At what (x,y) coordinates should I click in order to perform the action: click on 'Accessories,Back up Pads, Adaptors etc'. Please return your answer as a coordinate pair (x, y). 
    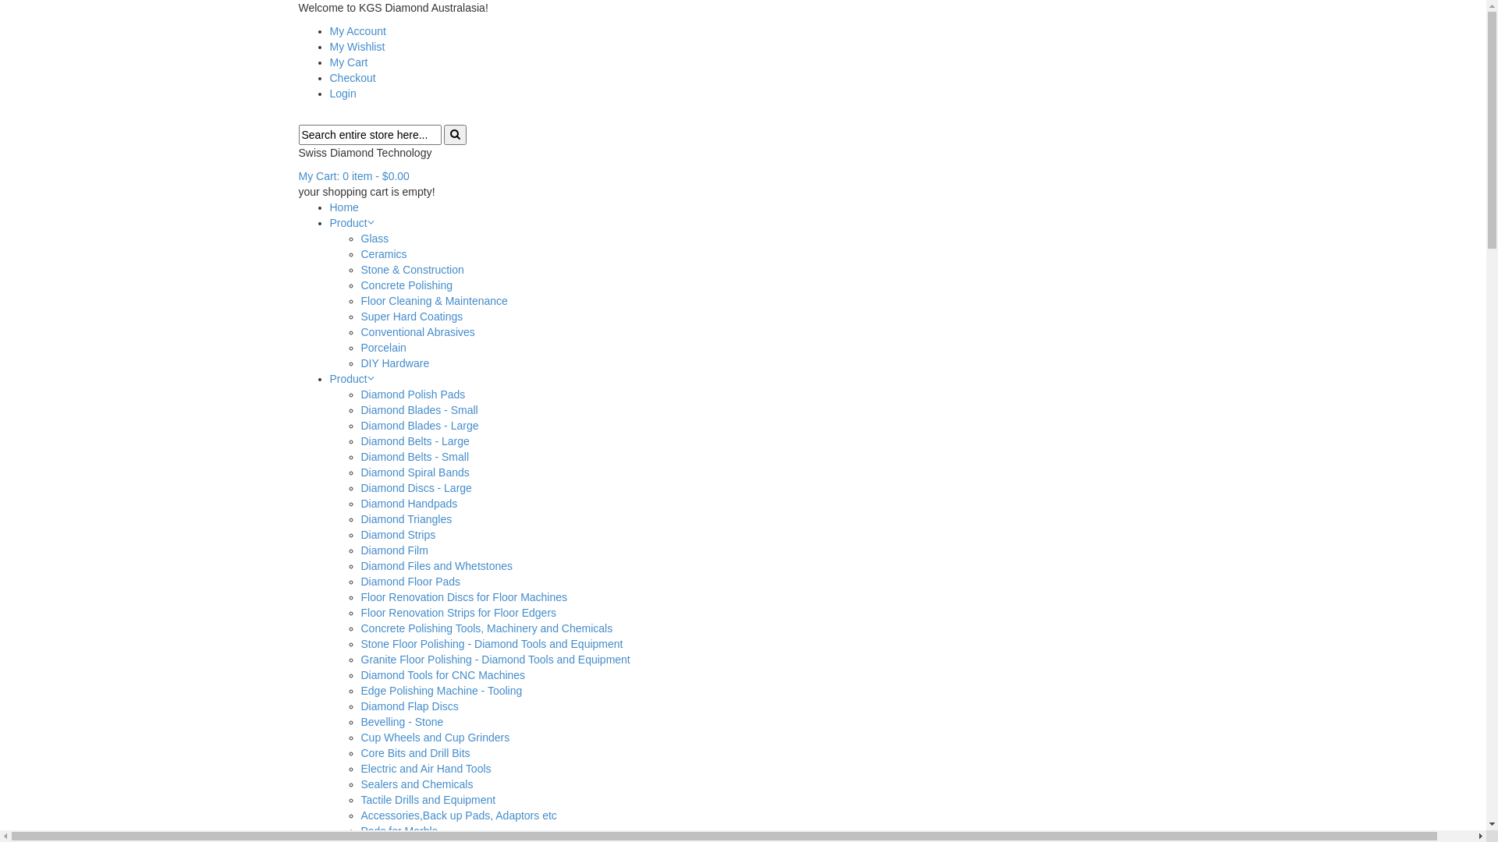
    Looking at the image, I should click on (457, 814).